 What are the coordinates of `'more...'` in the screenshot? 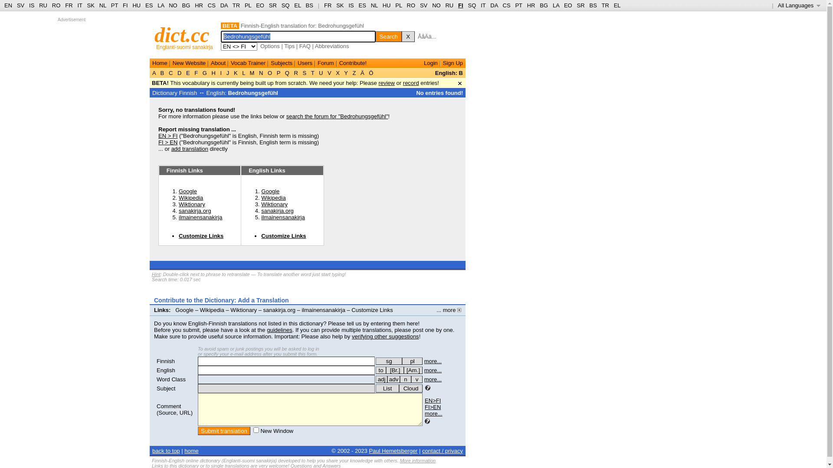 It's located at (433, 370).